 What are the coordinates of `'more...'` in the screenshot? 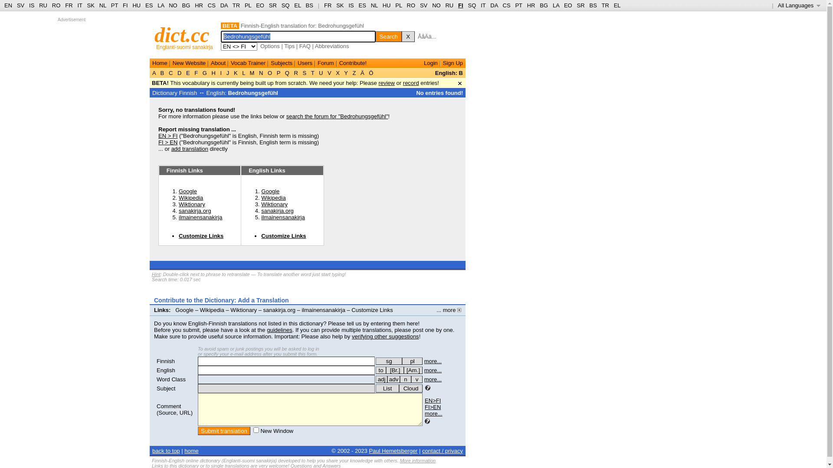 It's located at (433, 370).